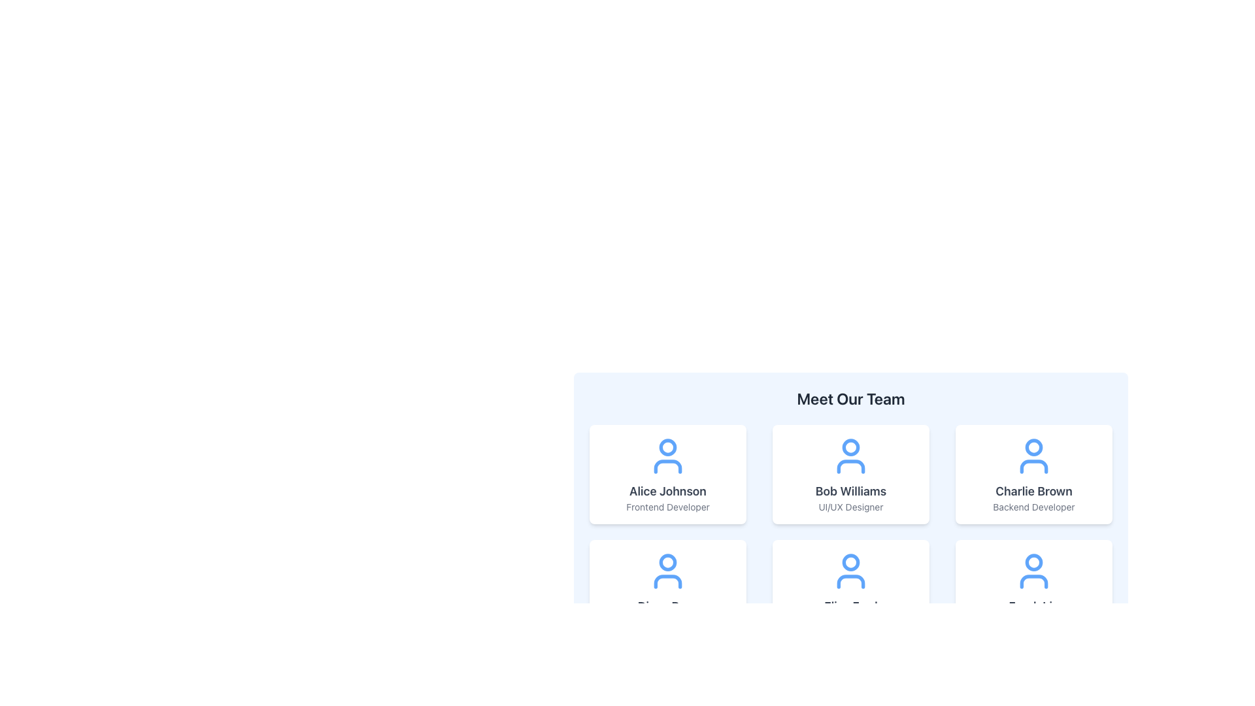 This screenshot has height=706, width=1255. I want to click on the head of the avatar graphic representing 'Bob Williams' in the 'Meet Our Team' section, so click(850, 446).